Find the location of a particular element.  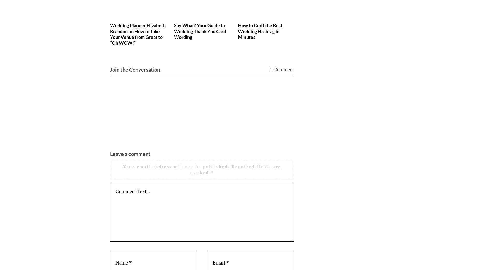

'Join the Conversation' is located at coordinates (110, 69).